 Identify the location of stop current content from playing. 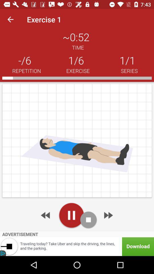
(88, 219).